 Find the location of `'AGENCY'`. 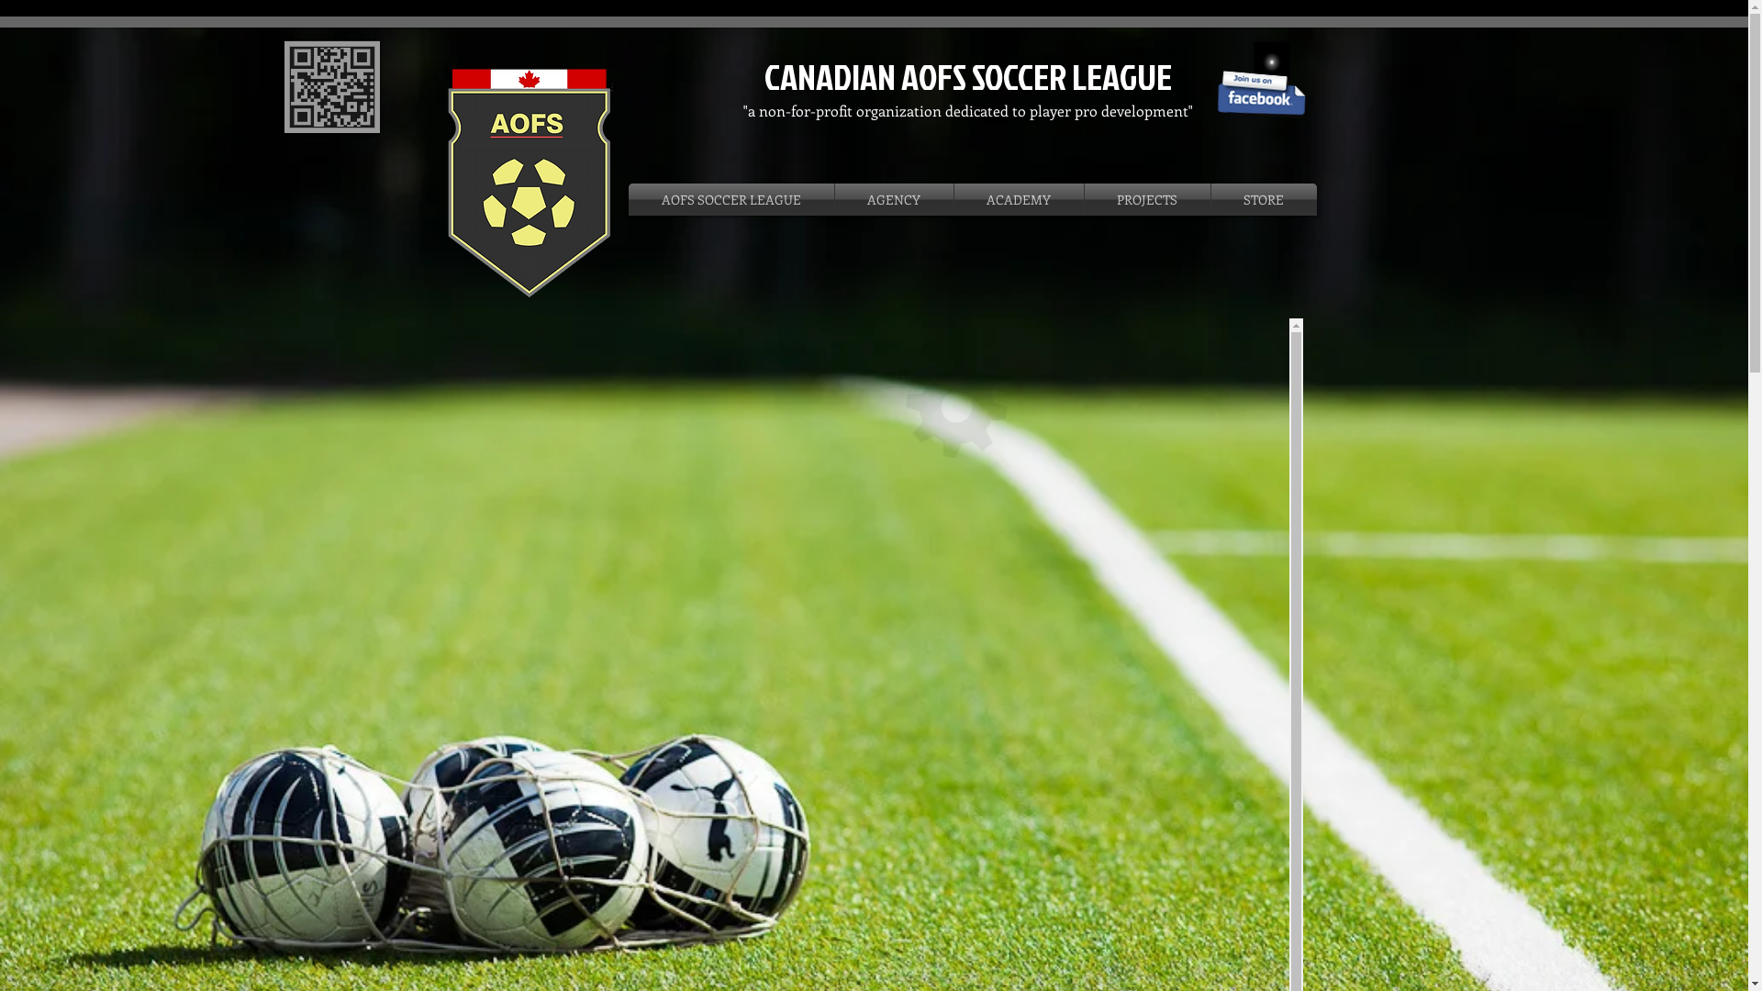

'AGENCY' is located at coordinates (834, 199).